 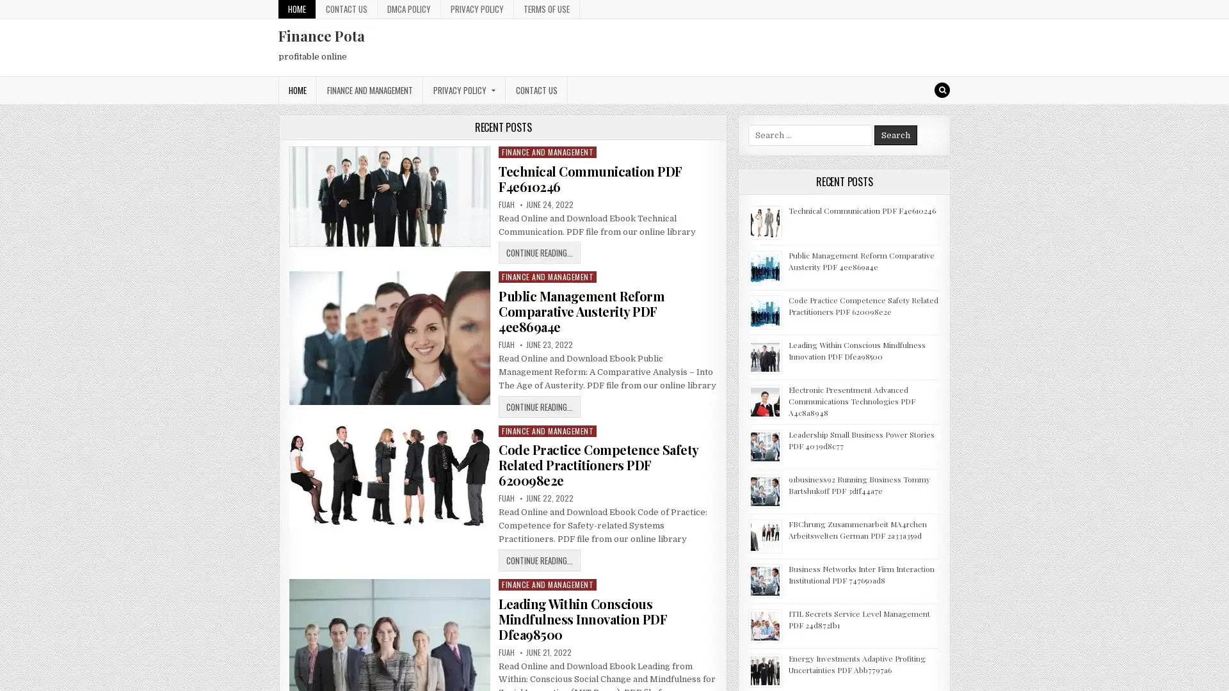 What do you see at coordinates (895, 135) in the screenshot?
I see `Search` at bounding box center [895, 135].